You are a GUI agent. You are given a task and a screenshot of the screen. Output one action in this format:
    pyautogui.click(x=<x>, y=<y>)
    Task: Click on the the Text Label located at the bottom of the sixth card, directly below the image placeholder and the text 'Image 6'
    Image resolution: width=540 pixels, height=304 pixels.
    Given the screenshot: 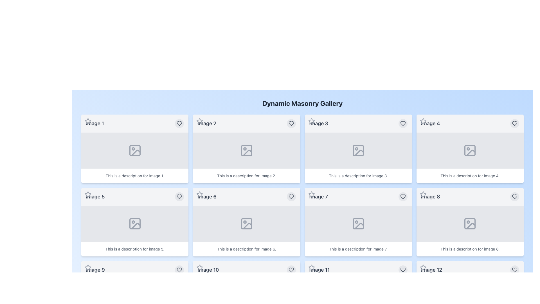 What is the action you would take?
    pyautogui.click(x=246, y=249)
    